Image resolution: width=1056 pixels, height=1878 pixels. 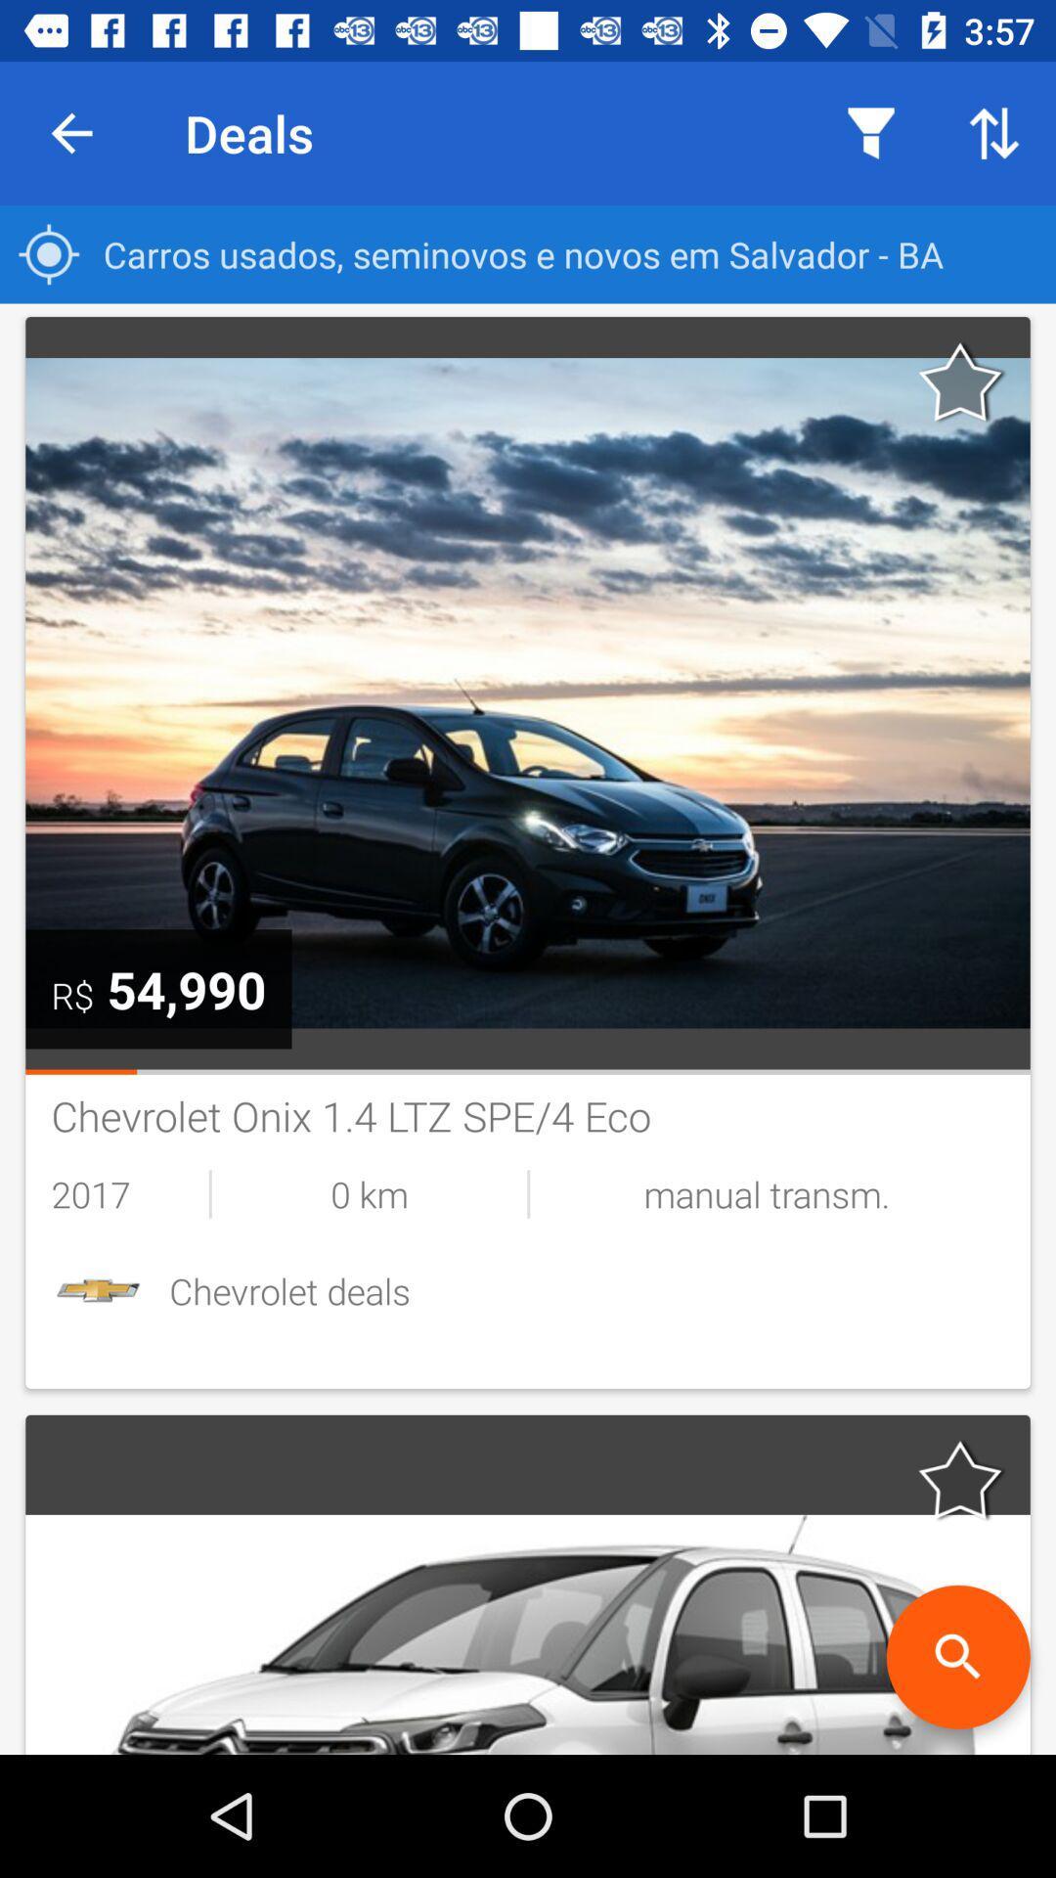 I want to click on the item next to deals item, so click(x=70, y=132).